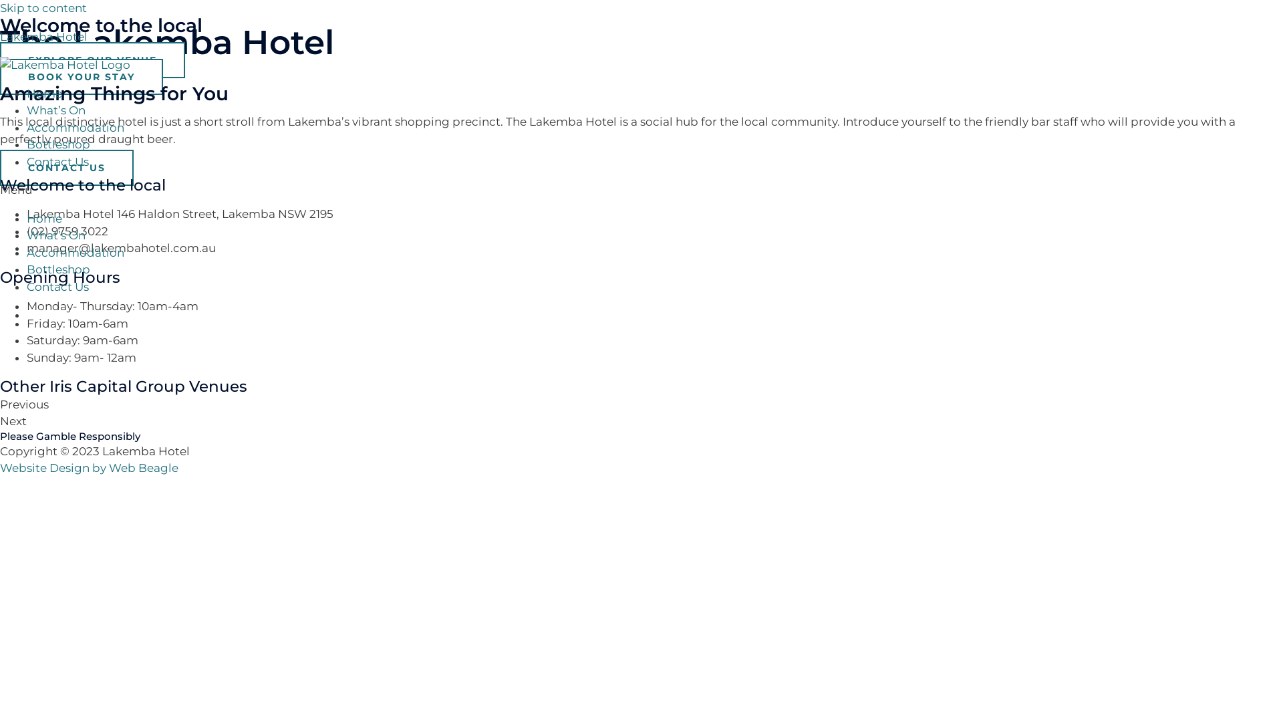  I want to click on 'Website Design by Web Beagle', so click(88, 467).